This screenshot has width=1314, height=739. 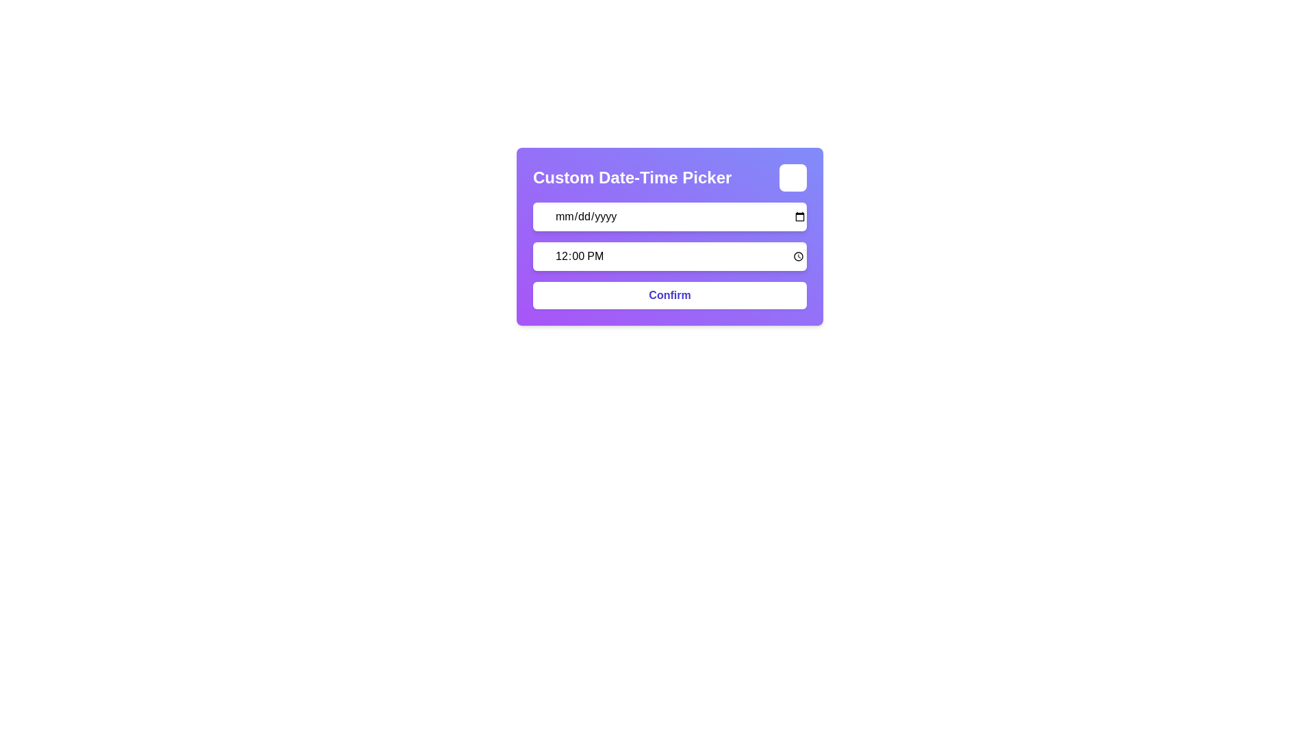 What do you see at coordinates (793, 177) in the screenshot?
I see `the button located in the upper-right corner of the 'Custom Date-Time Picker' widget` at bounding box center [793, 177].